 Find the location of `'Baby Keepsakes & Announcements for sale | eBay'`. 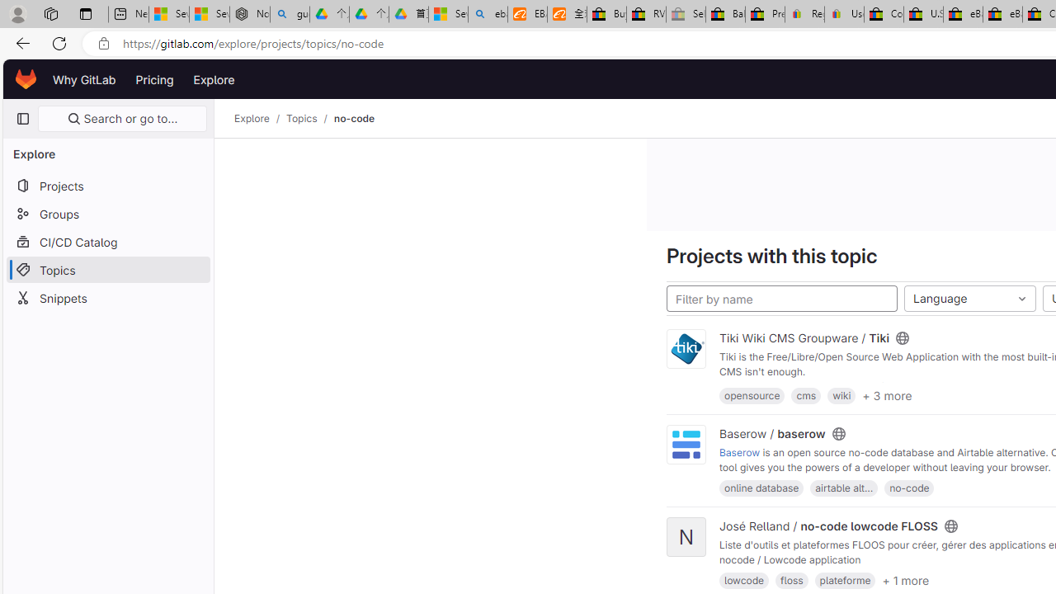

'Baby Keepsakes & Announcements for sale | eBay' is located at coordinates (725, 14).